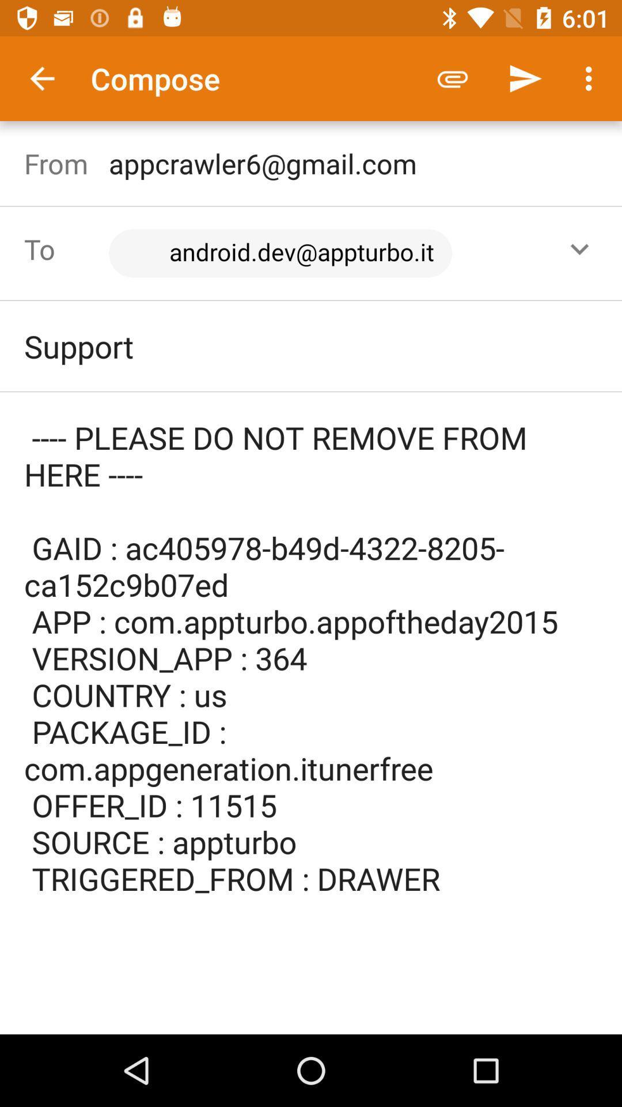 The height and width of the screenshot is (1107, 622). I want to click on the icon to the right of compose icon, so click(452, 78).